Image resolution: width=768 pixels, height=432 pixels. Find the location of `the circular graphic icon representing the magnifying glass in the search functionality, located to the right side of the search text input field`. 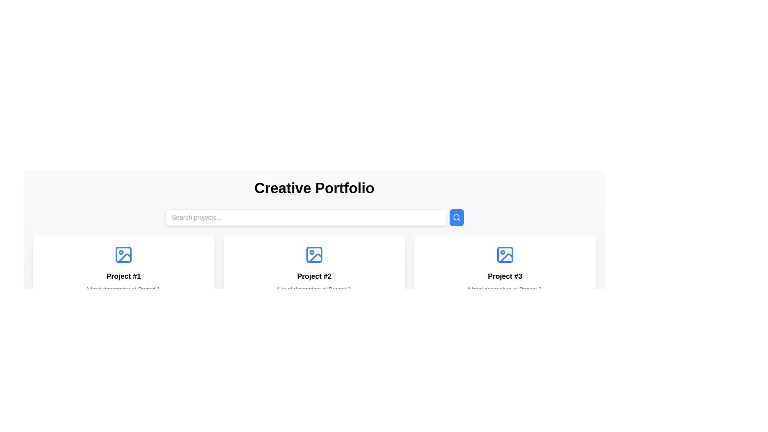

the circular graphic icon representing the magnifying glass in the search functionality, located to the right side of the search text input field is located at coordinates (456, 217).